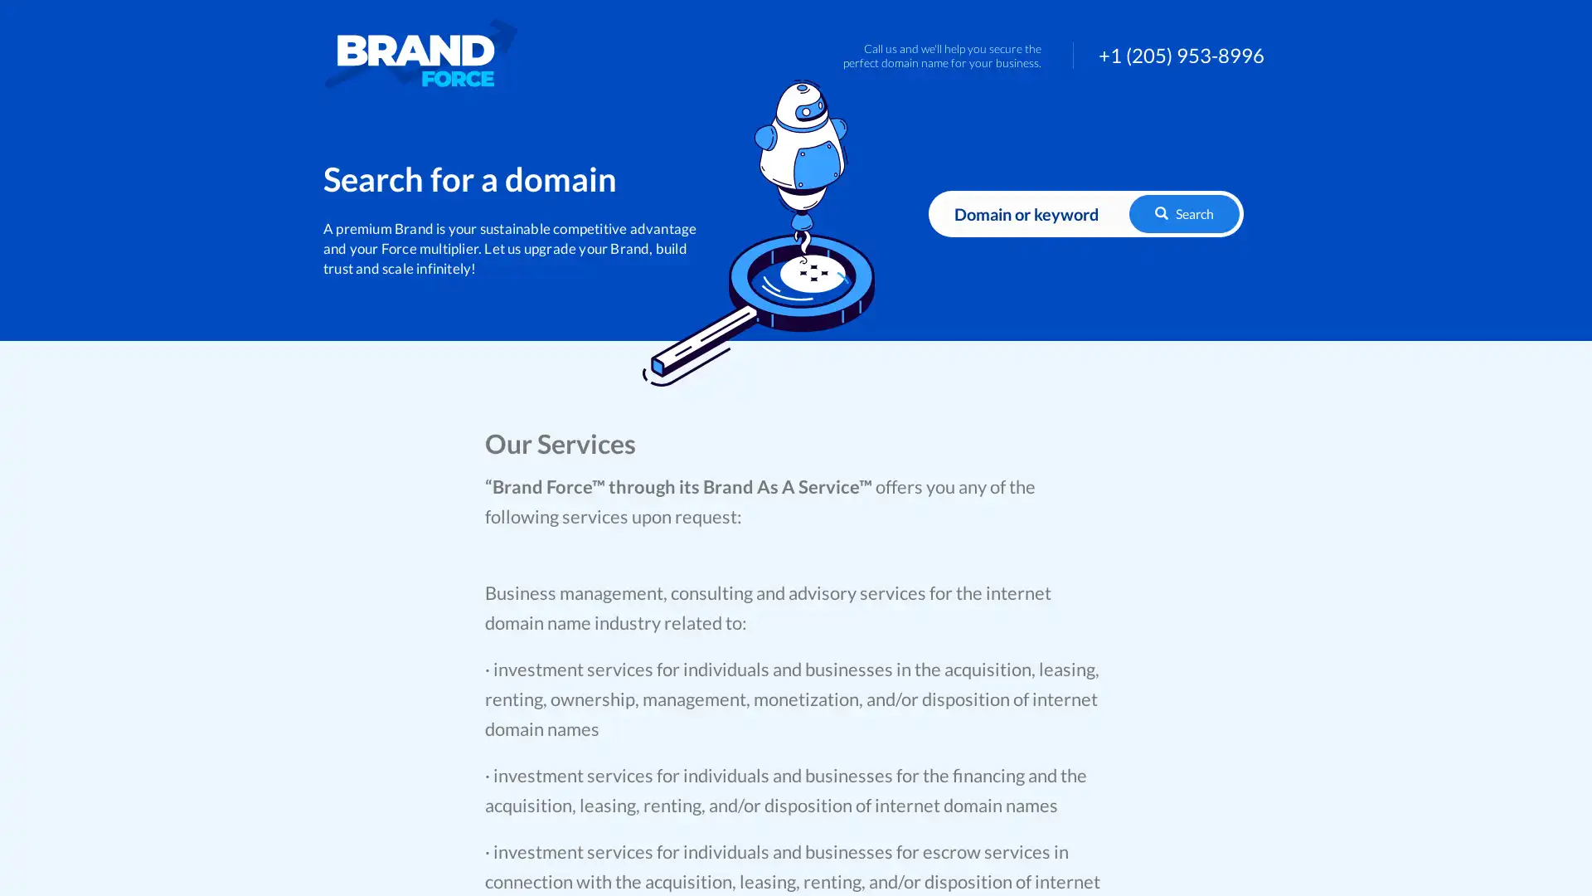  Describe the element at coordinates (1183, 212) in the screenshot. I see `Search` at that location.